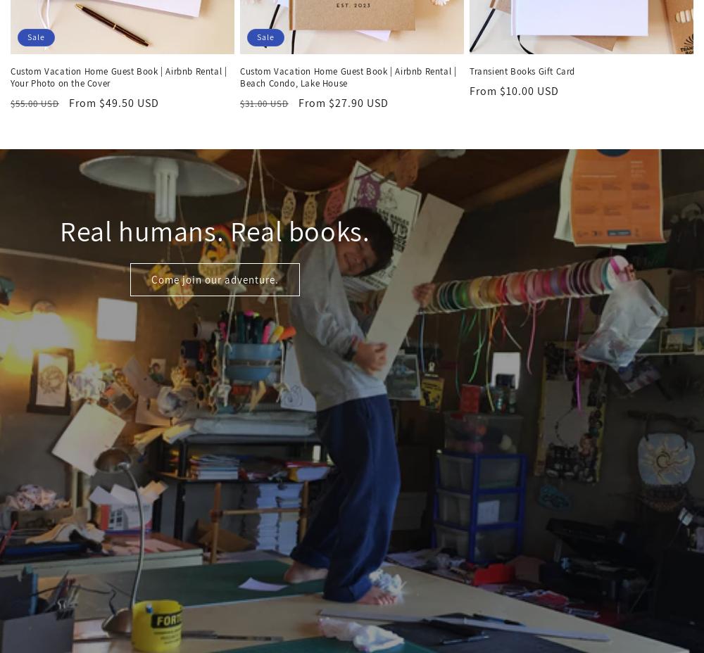 Image resolution: width=704 pixels, height=653 pixels. What do you see at coordinates (34, 103) in the screenshot?
I see `'$55.00 USD'` at bounding box center [34, 103].